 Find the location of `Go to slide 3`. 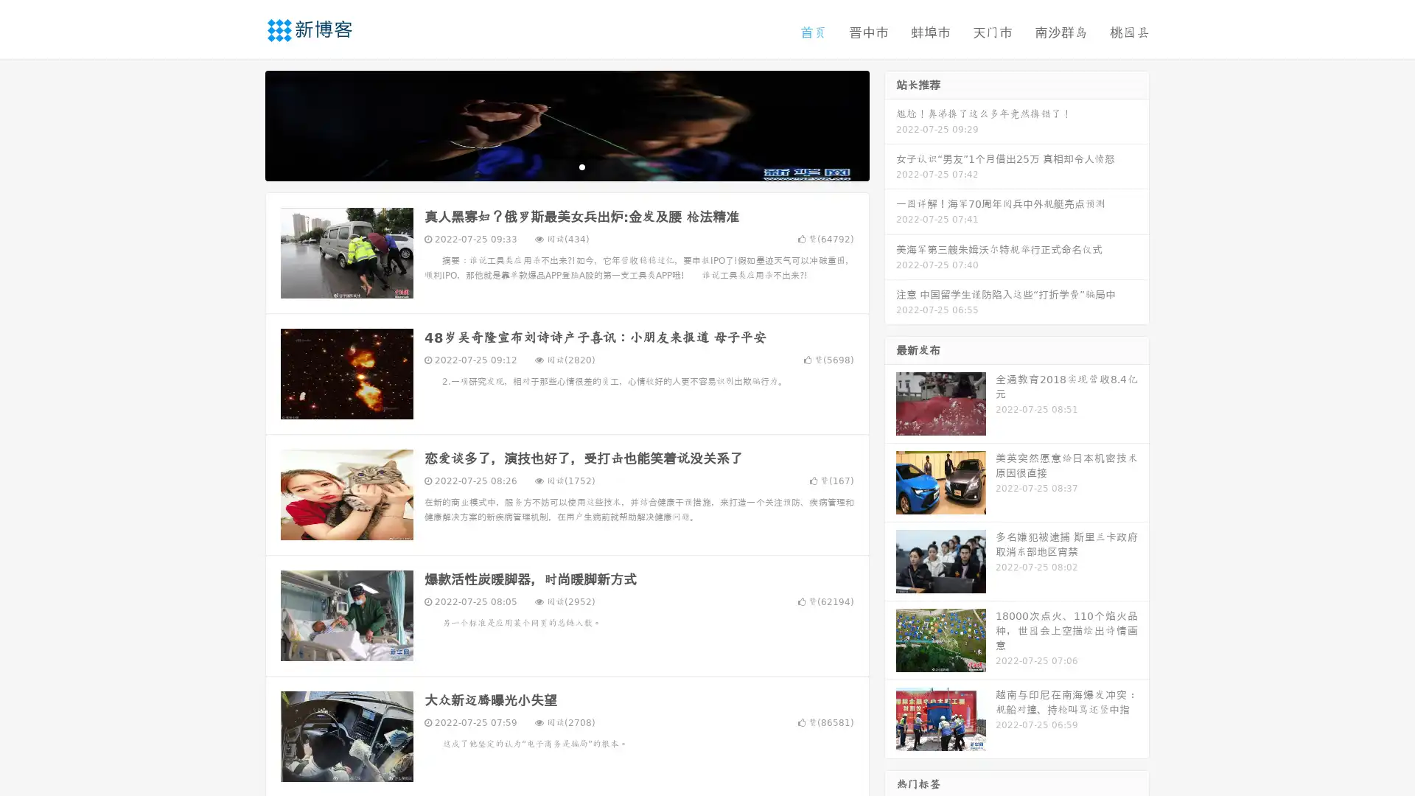

Go to slide 3 is located at coordinates (581, 166).